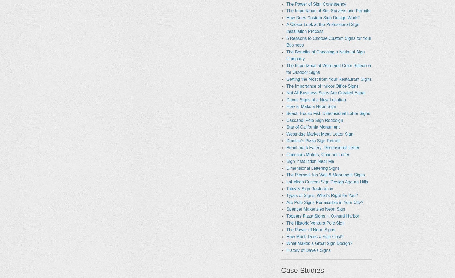  Describe the element at coordinates (286, 188) in the screenshot. I see `'Talevi’s Sign Restoration'` at that location.